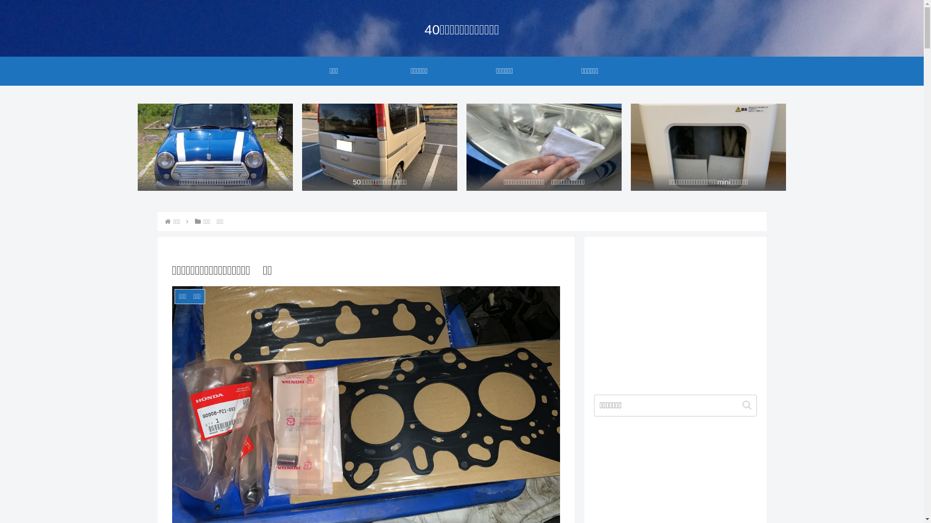 The image size is (931, 523). I want to click on 'Advertisement', so click(674, 314).